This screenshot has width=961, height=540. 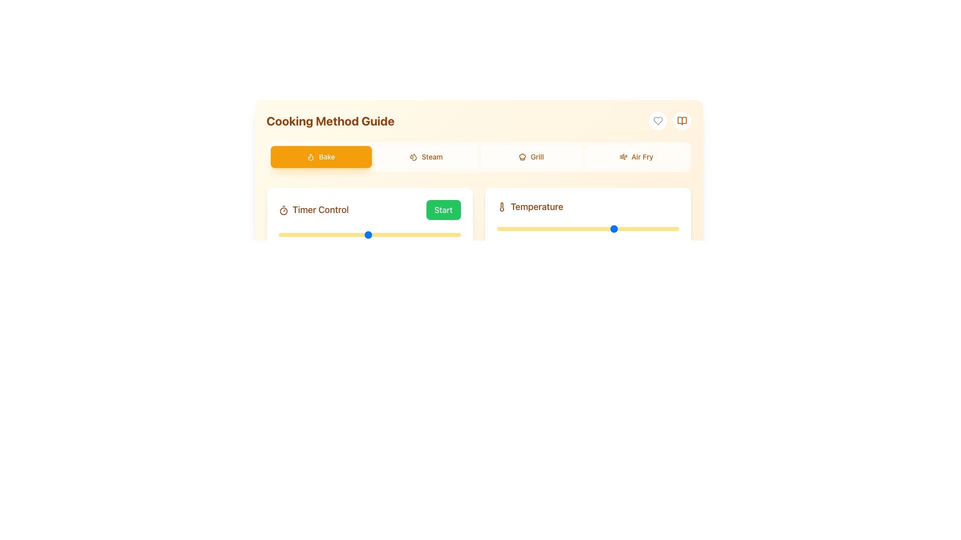 I want to click on the timer slider, so click(x=444, y=235).